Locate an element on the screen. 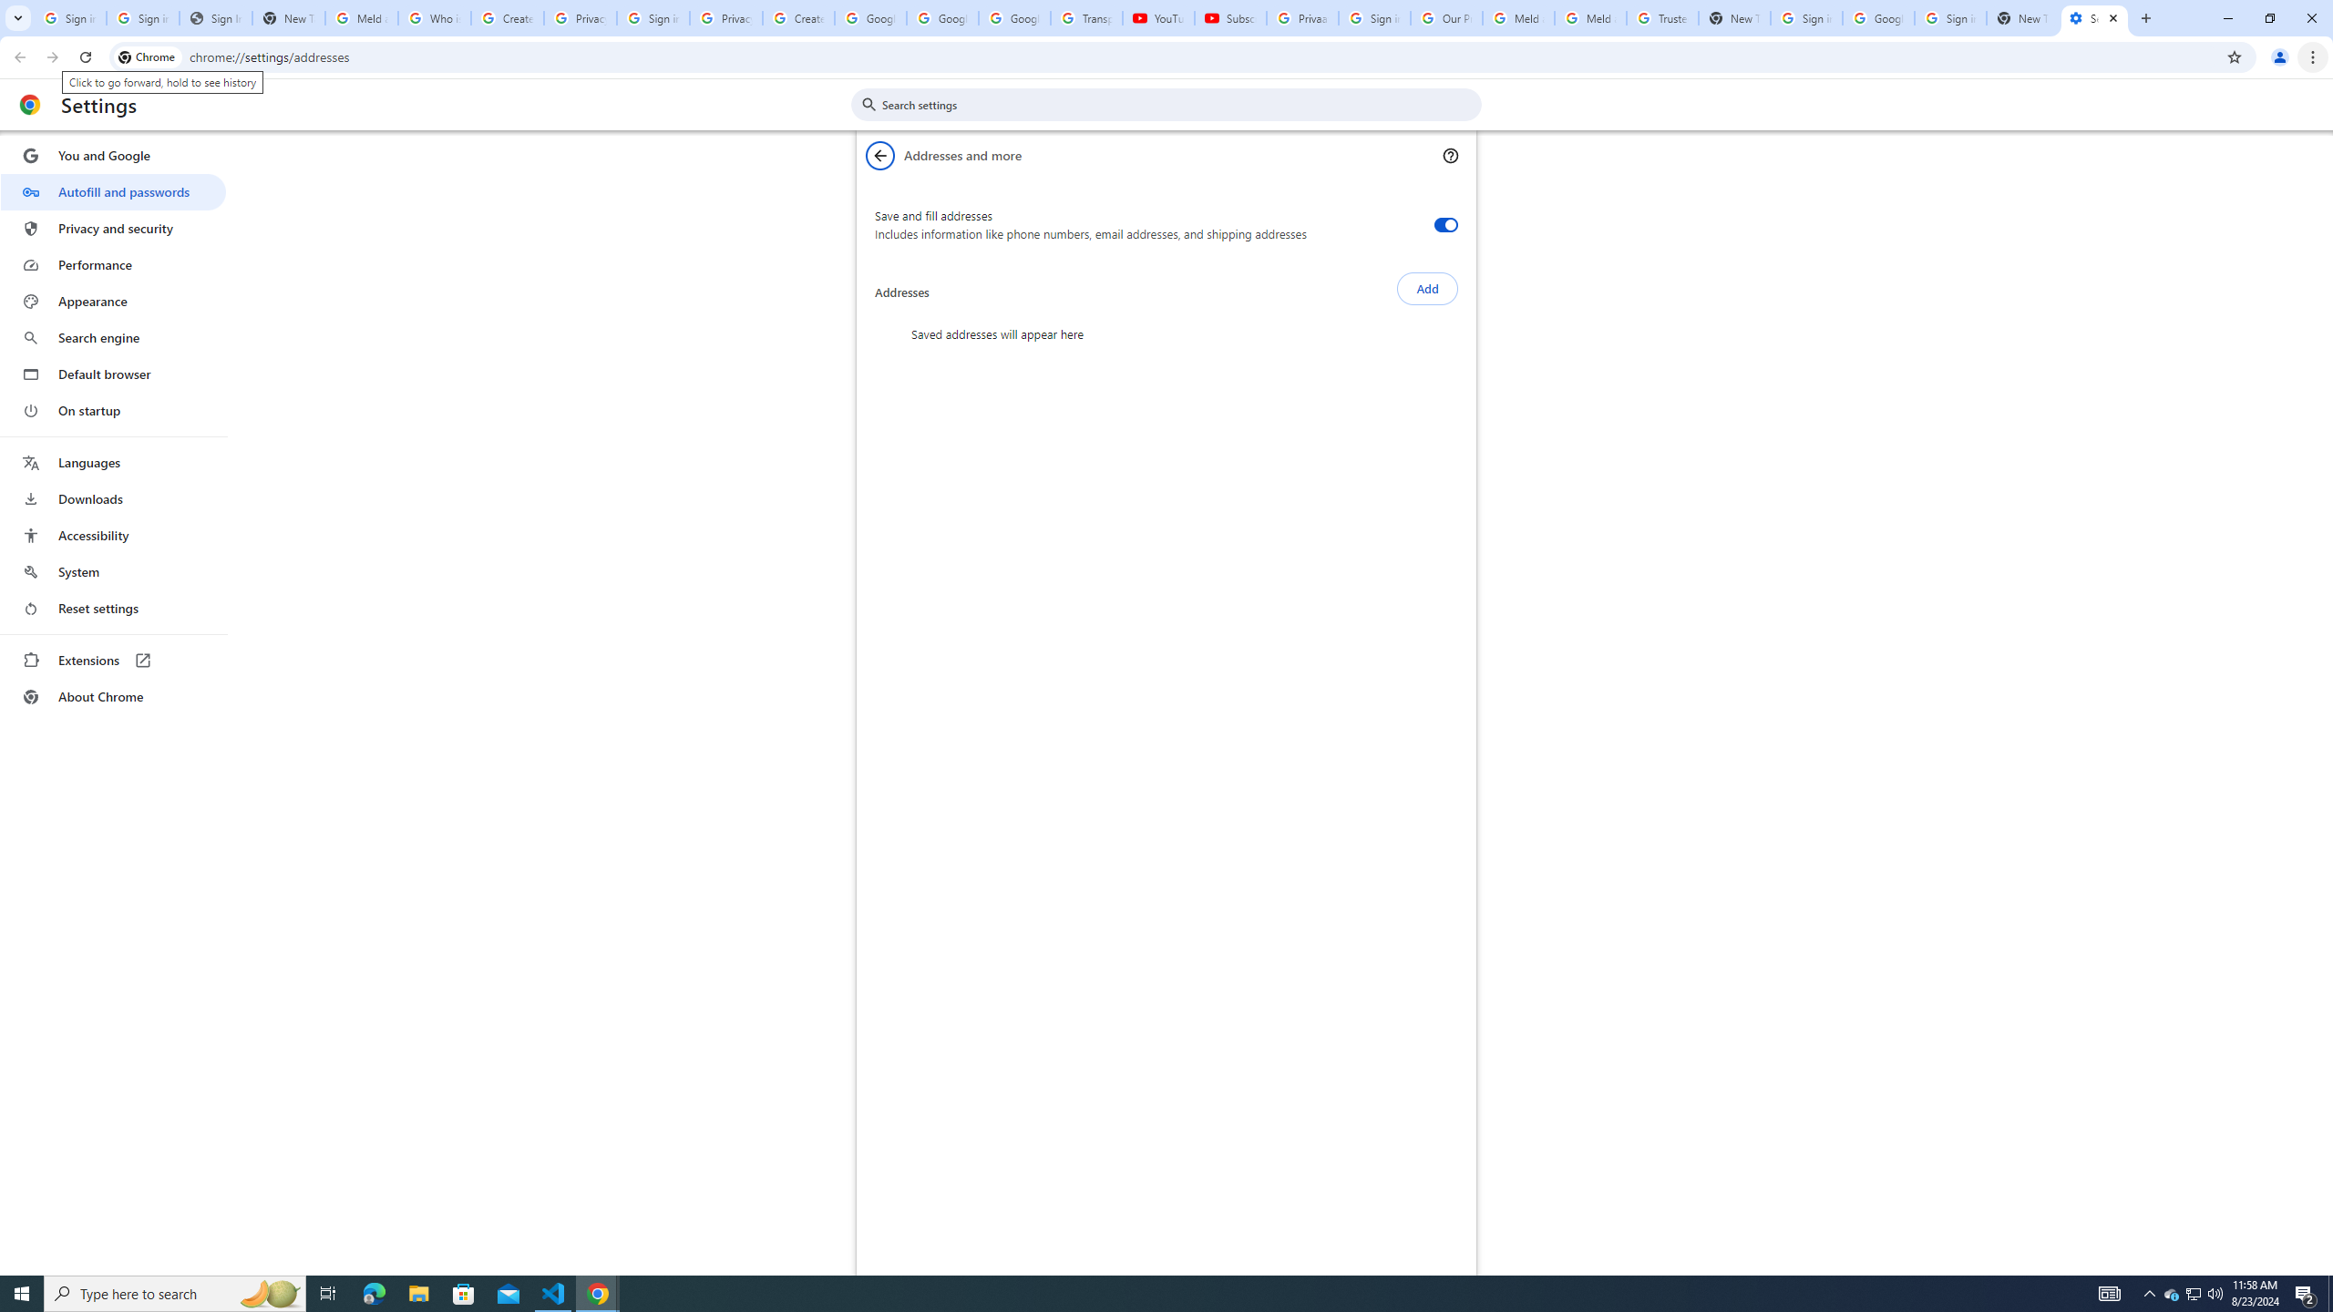 The width and height of the screenshot is (2333, 1312). 'New Tab' is located at coordinates (2021, 17).